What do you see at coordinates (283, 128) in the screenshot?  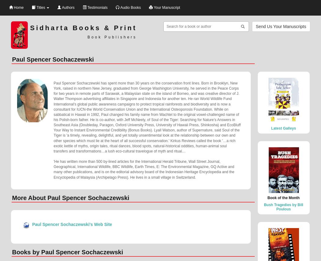 I see `'Latest Galleys'` at bounding box center [283, 128].